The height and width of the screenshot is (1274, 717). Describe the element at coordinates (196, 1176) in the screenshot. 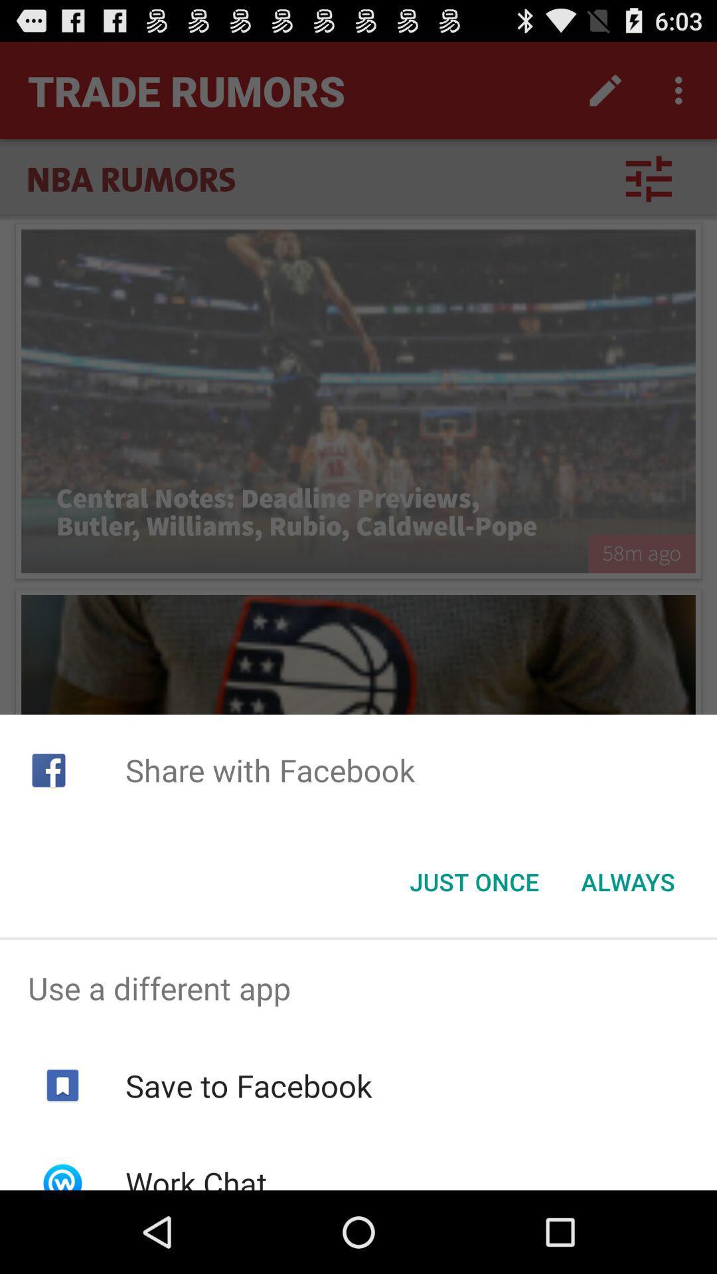

I see `item below the save to facebook icon` at that location.